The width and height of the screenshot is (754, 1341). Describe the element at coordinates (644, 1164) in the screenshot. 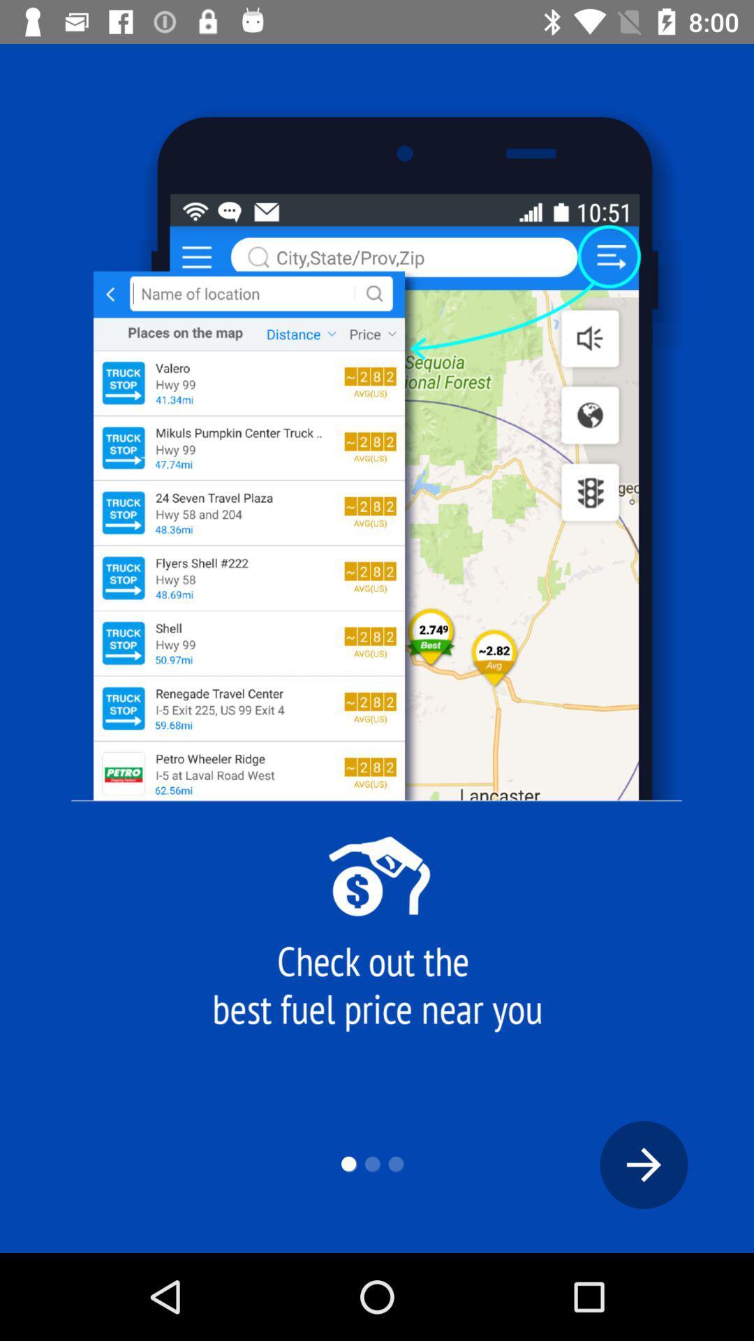

I see `go forward` at that location.